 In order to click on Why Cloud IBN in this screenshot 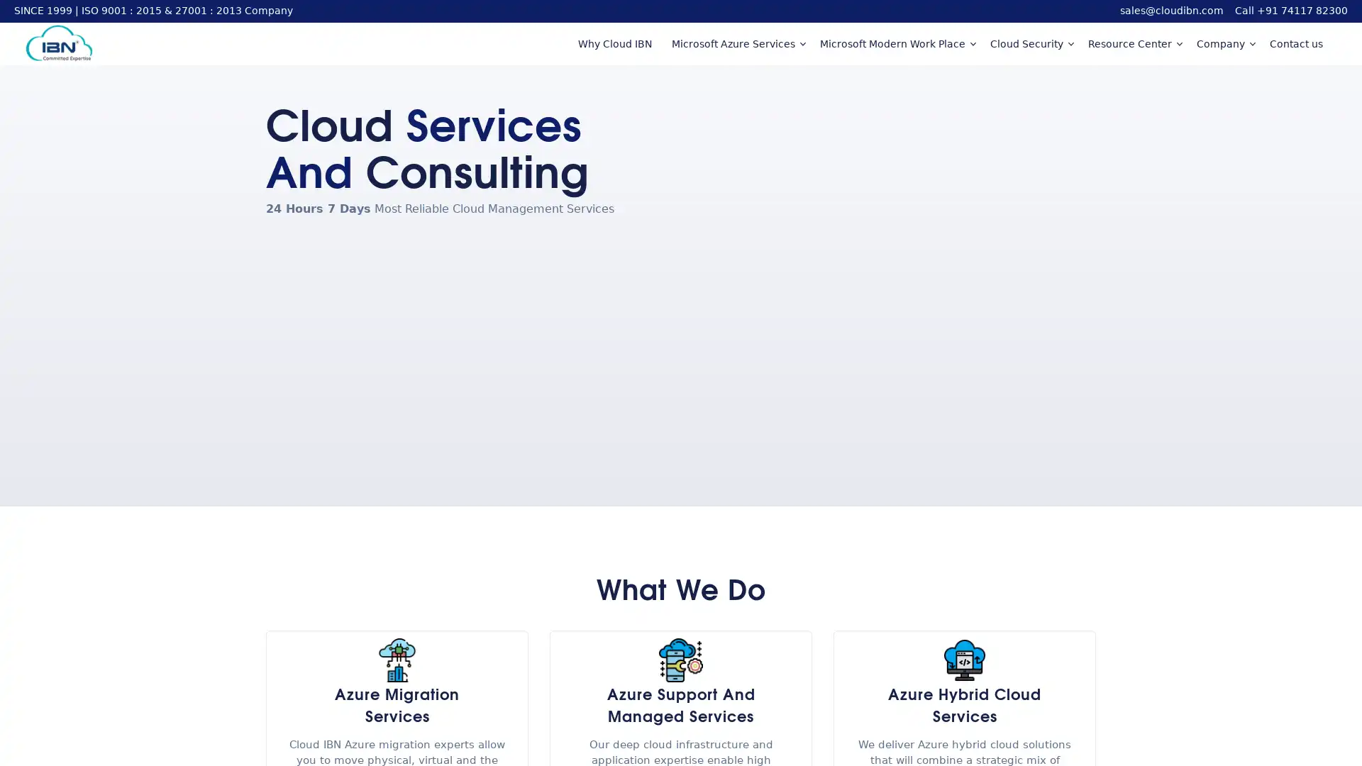, I will do `click(614, 43)`.